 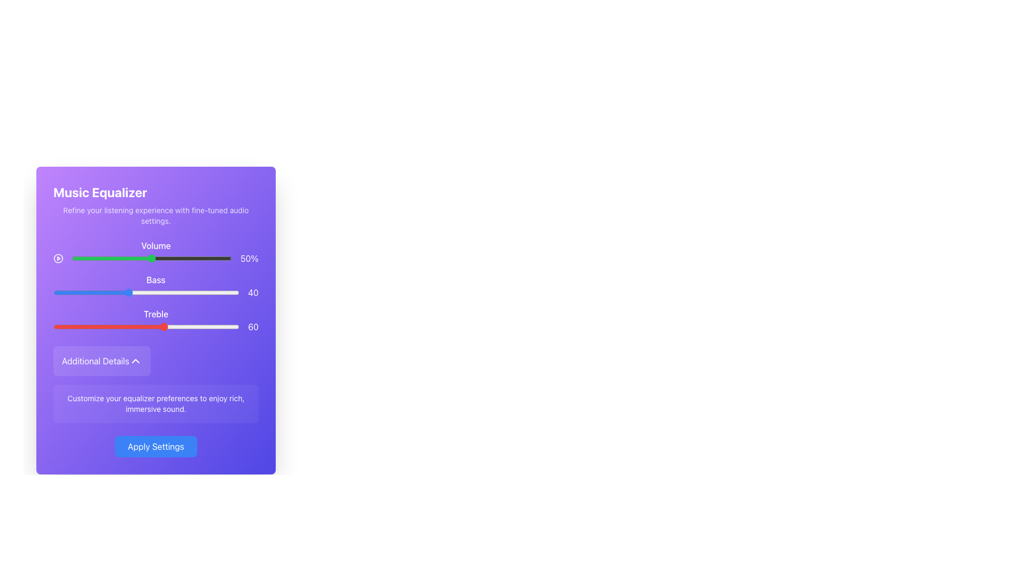 What do you see at coordinates (209, 326) in the screenshot?
I see `the Treble` at bounding box center [209, 326].